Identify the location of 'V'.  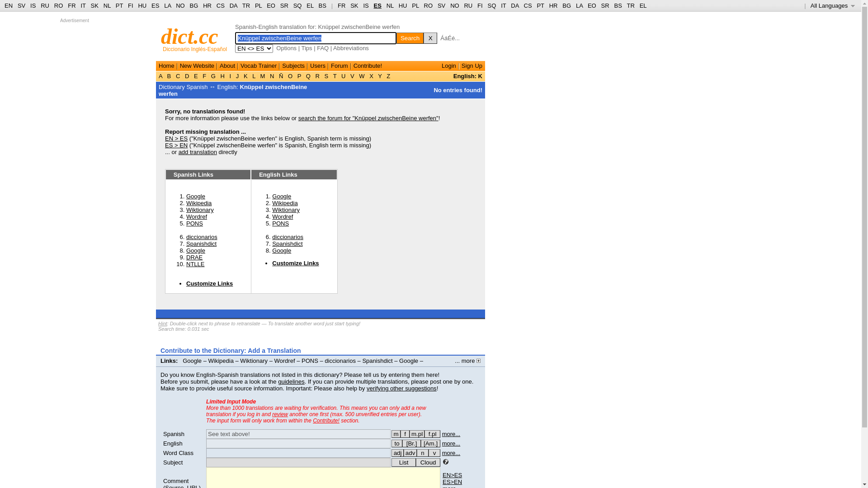
(351, 75).